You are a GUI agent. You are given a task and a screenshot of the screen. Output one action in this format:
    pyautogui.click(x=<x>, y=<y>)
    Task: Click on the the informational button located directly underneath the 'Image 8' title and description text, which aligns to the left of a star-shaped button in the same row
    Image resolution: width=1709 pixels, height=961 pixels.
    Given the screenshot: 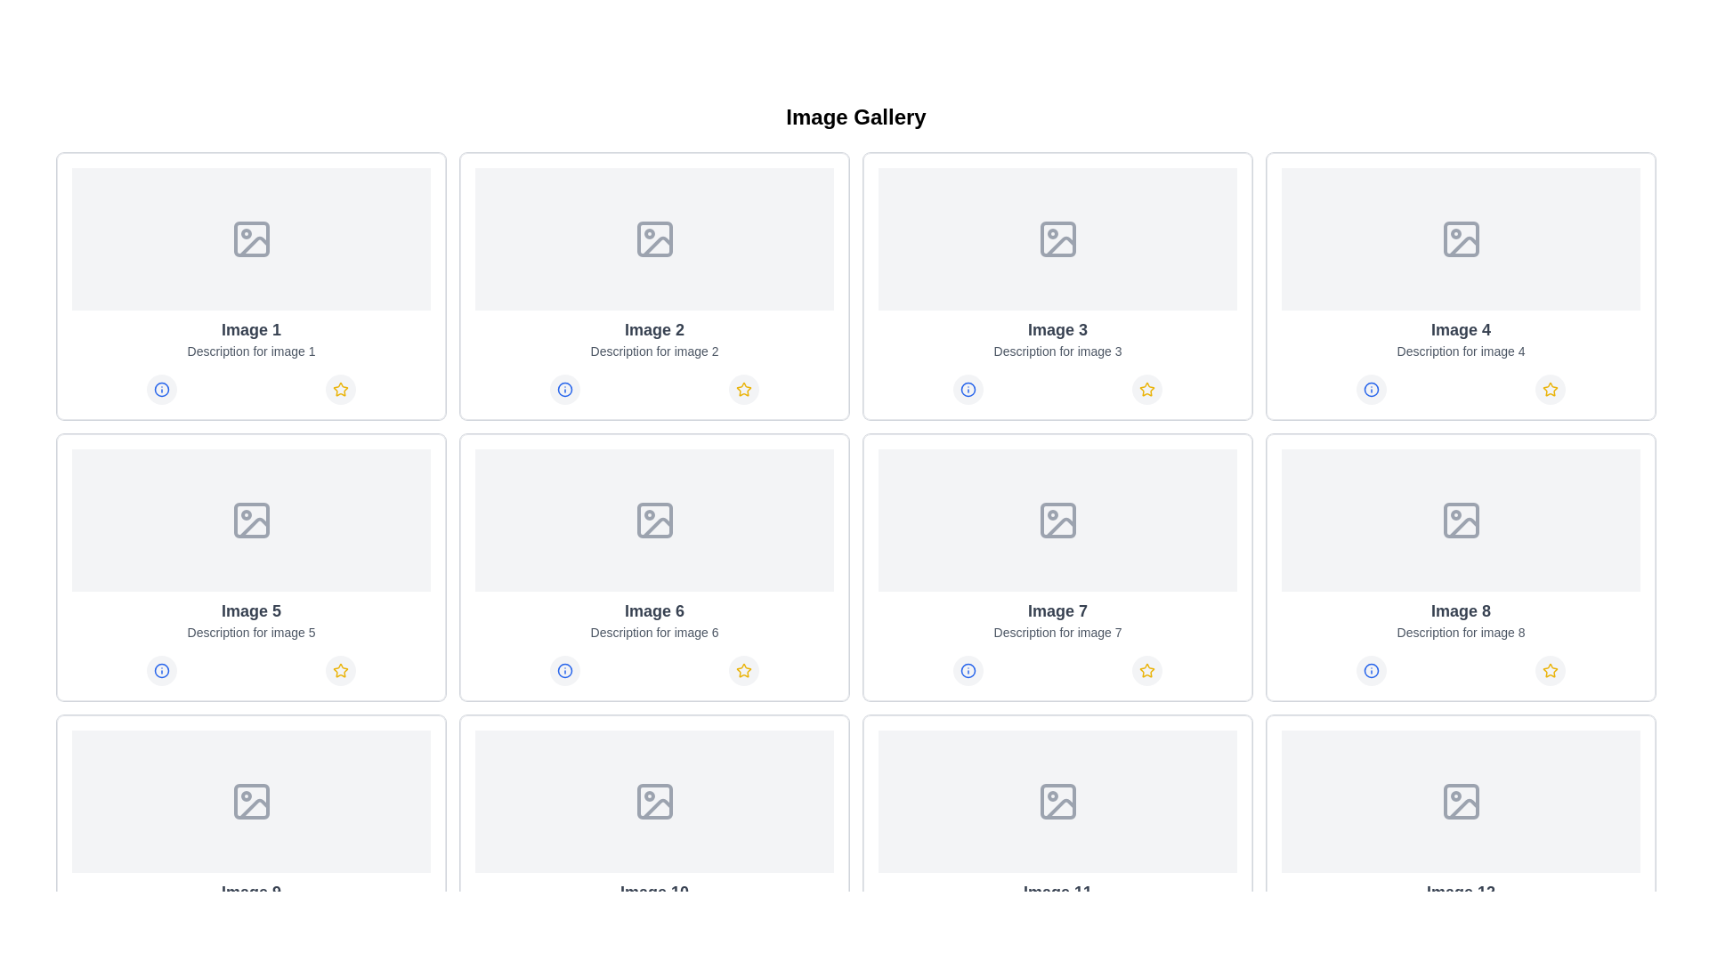 What is the action you would take?
    pyautogui.click(x=1370, y=670)
    